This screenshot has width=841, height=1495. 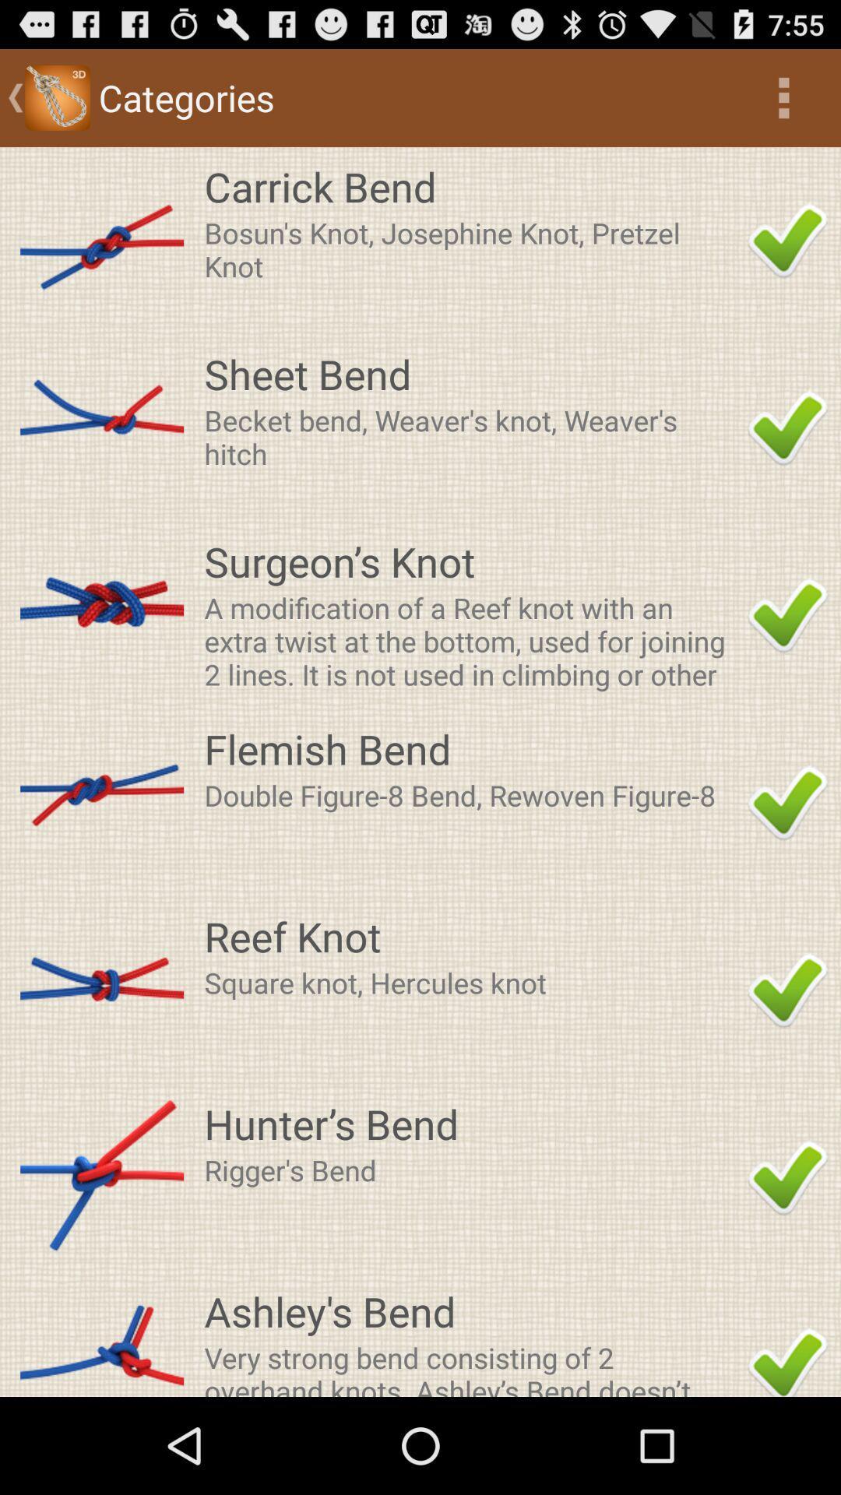 I want to click on the sheet bend item, so click(x=470, y=374).